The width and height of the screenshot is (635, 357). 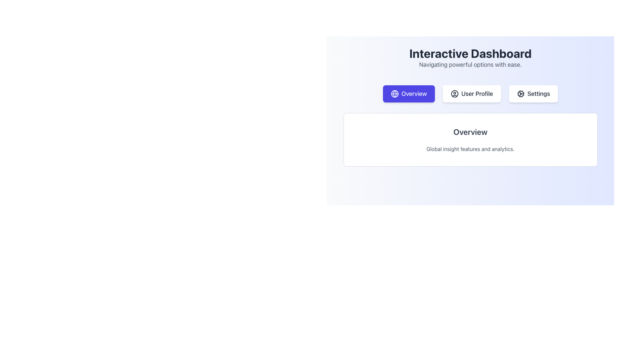 I want to click on the SVG Circle that represents the boundary of the user profile icon, located within the 'User Profile' button, which is the second button in a horizontal row of three, so click(x=454, y=94).